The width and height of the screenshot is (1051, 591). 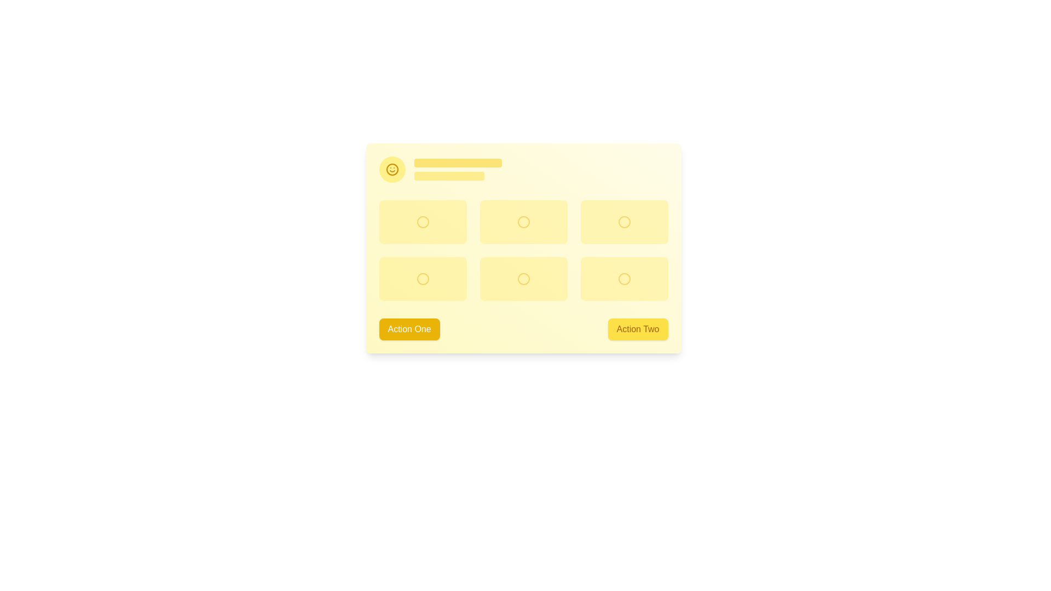 What do you see at coordinates (458, 163) in the screenshot?
I see `the loading placeholder graphic located in the upper section of the card, which indicates an area for dynamic content` at bounding box center [458, 163].